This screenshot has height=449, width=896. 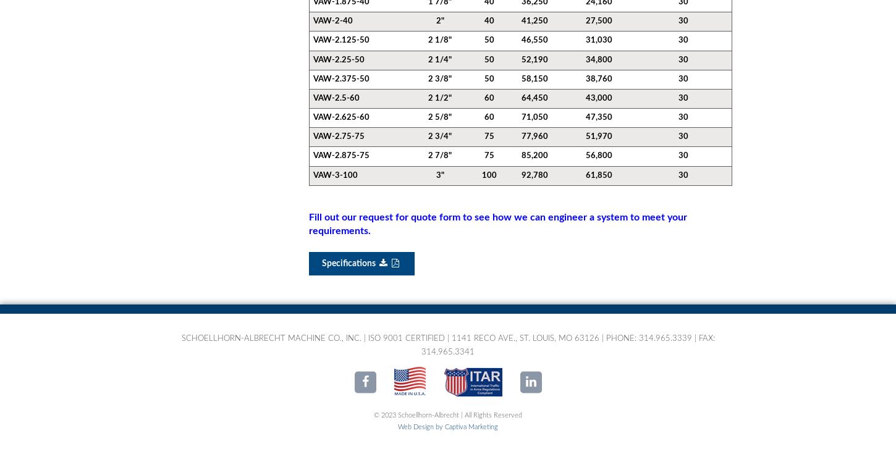 What do you see at coordinates (488, 21) in the screenshot?
I see `'40'` at bounding box center [488, 21].